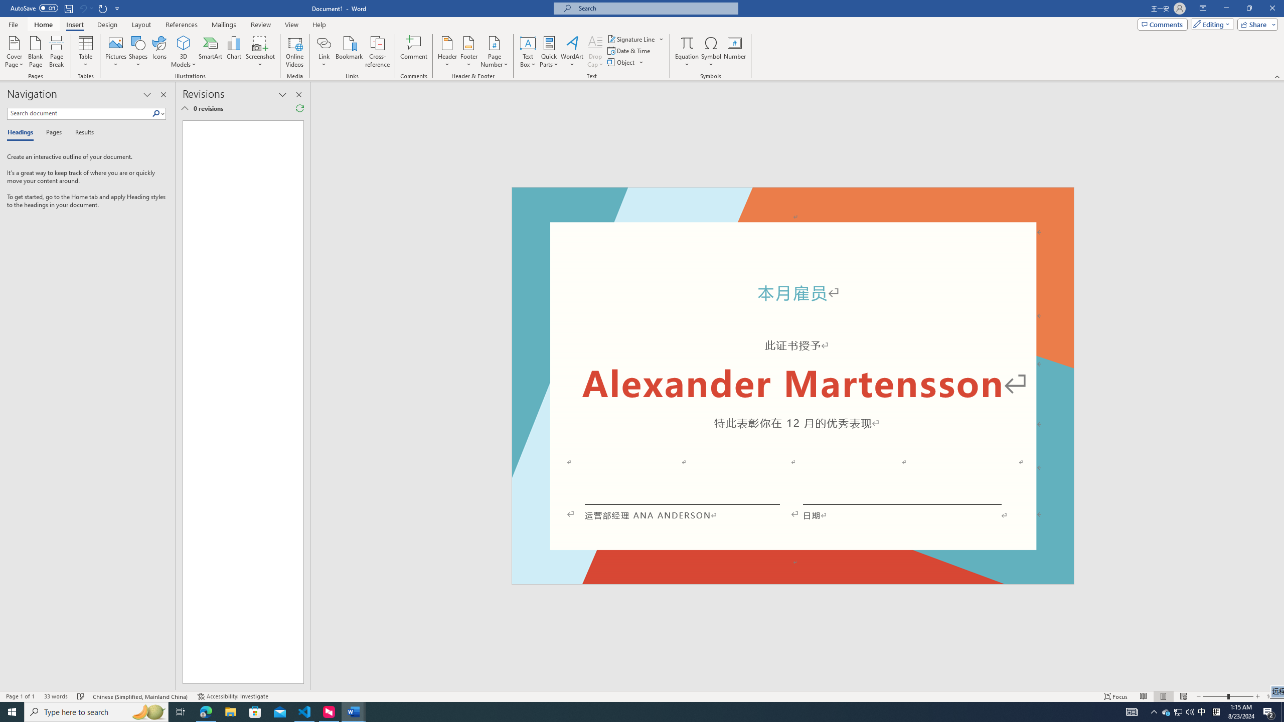  Describe the element at coordinates (549, 52) in the screenshot. I see `'Quick Parts'` at that location.